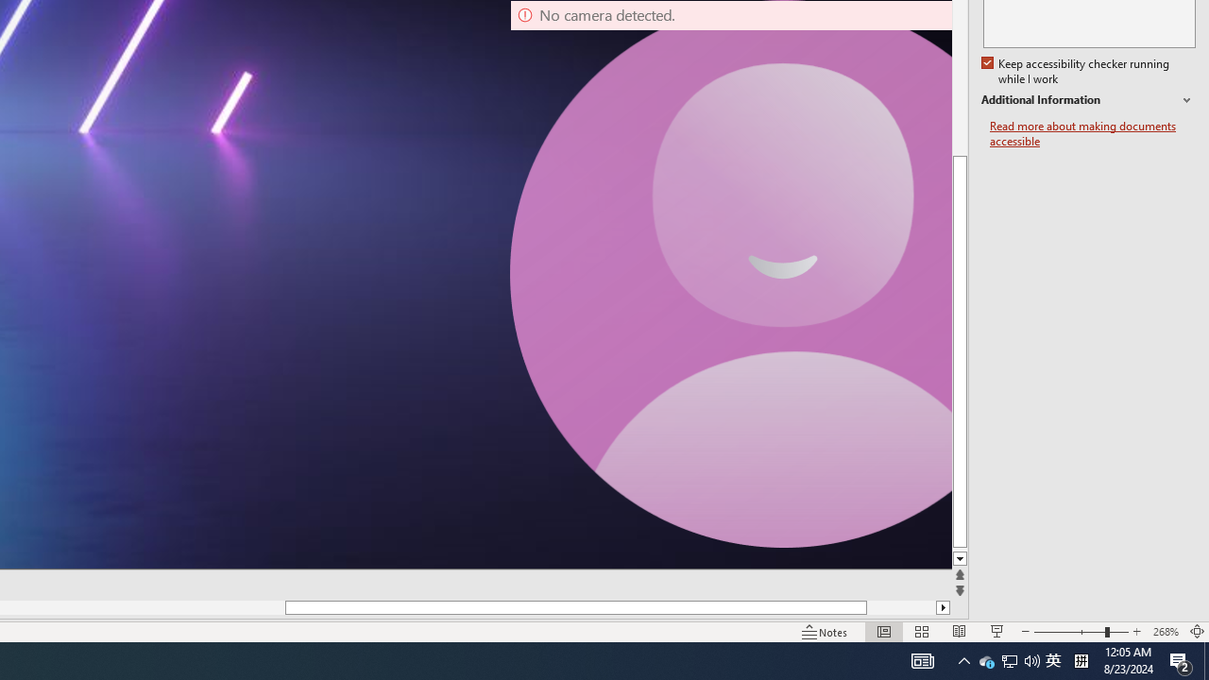 The height and width of the screenshot is (680, 1209). What do you see at coordinates (922, 632) in the screenshot?
I see `'Slide Sorter'` at bounding box center [922, 632].